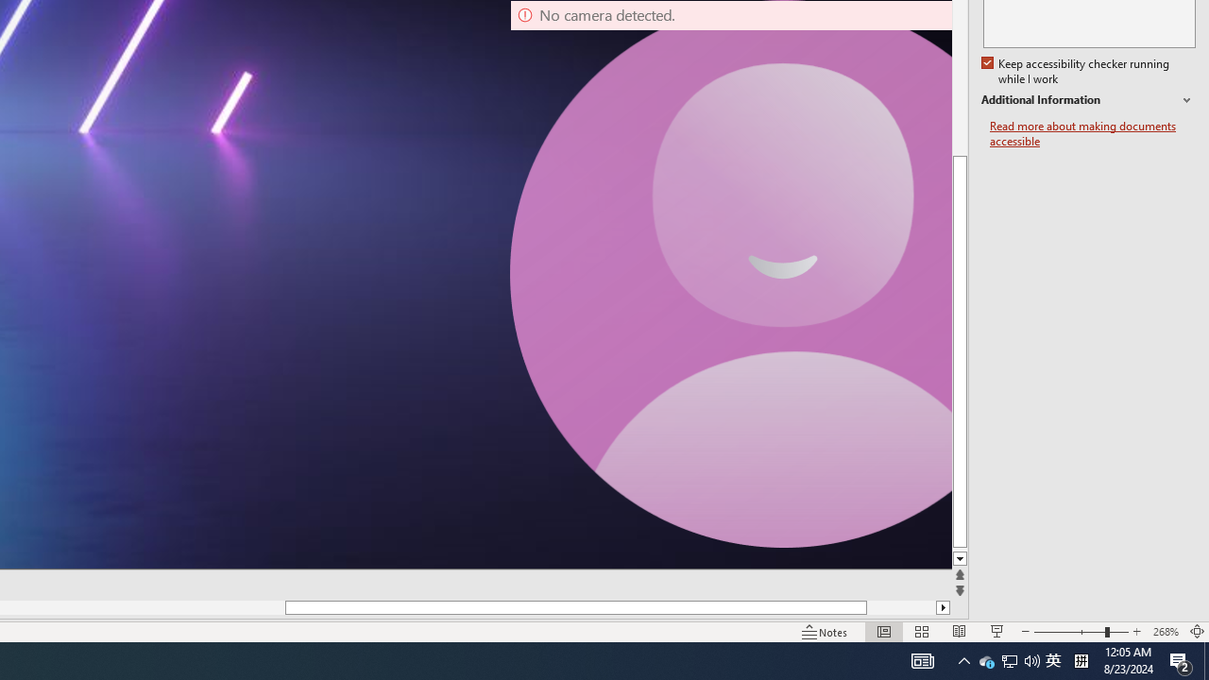 The height and width of the screenshot is (680, 1209). What do you see at coordinates (922, 632) in the screenshot?
I see `'Slide Sorter'` at bounding box center [922, 632].